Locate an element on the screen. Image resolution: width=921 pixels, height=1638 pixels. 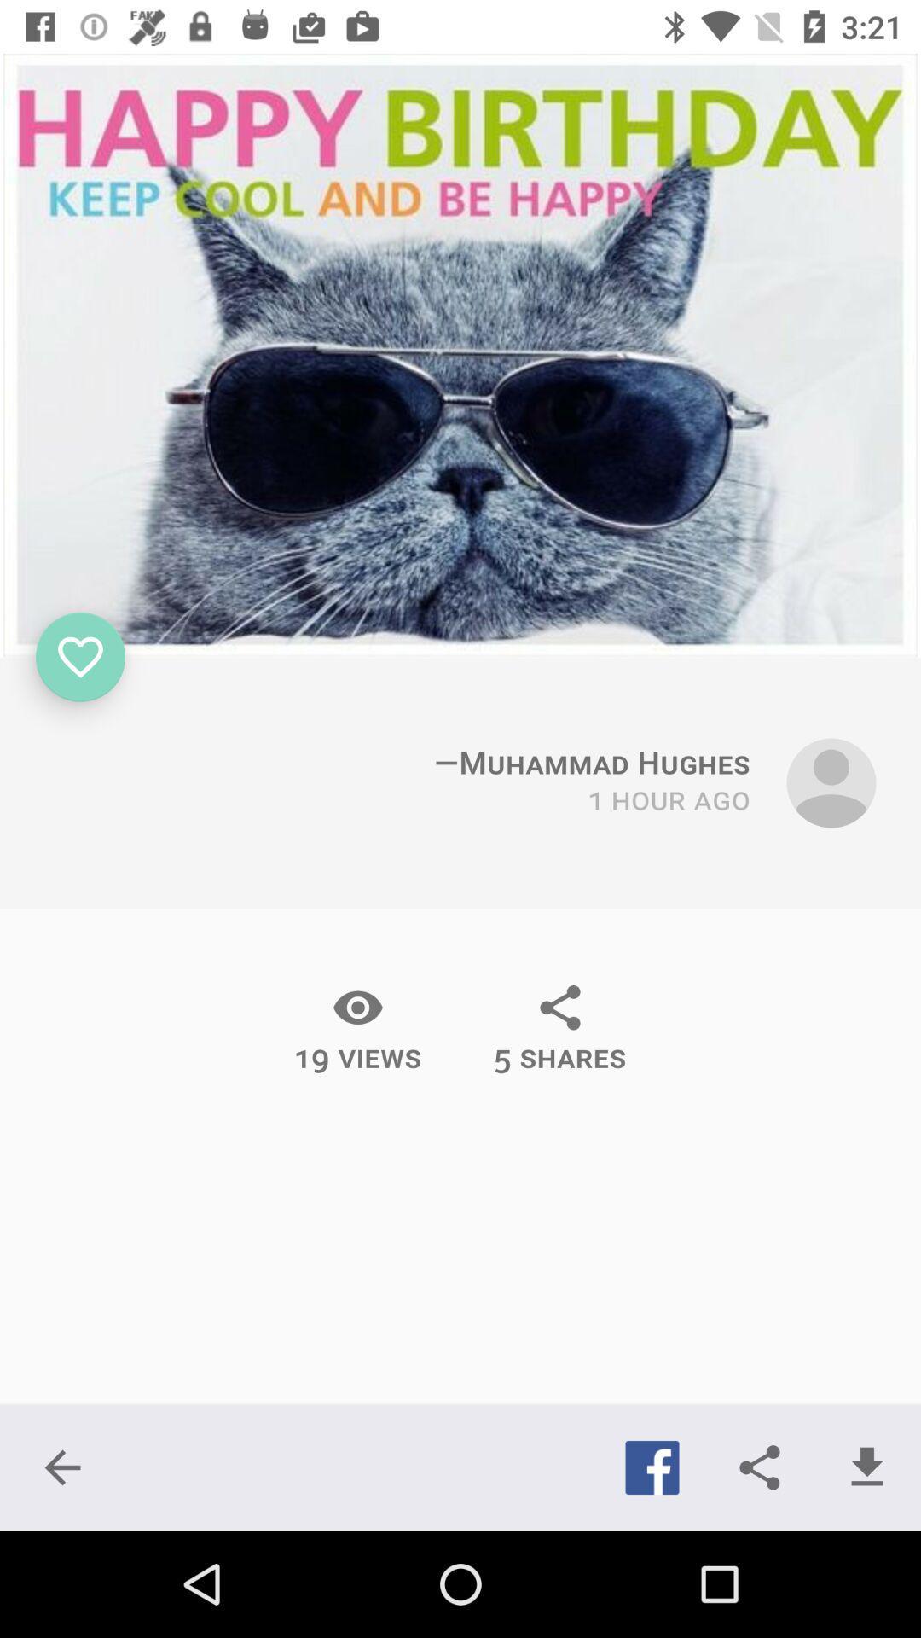
the download icon which is at bottom right of the page is located at coordinates (867, 1467).